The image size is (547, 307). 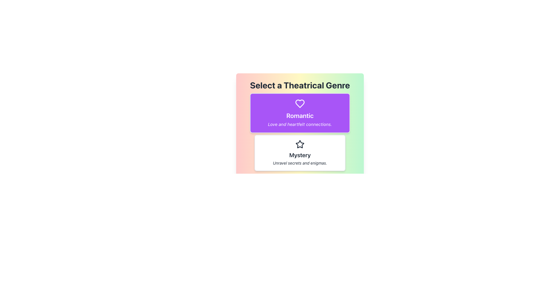 I want to click on the Text Display element that shows the header 'Select a Theatrical Genre', which is bold and large with a dark font color against a multicolored gradient background, so click(x=299, y=85).